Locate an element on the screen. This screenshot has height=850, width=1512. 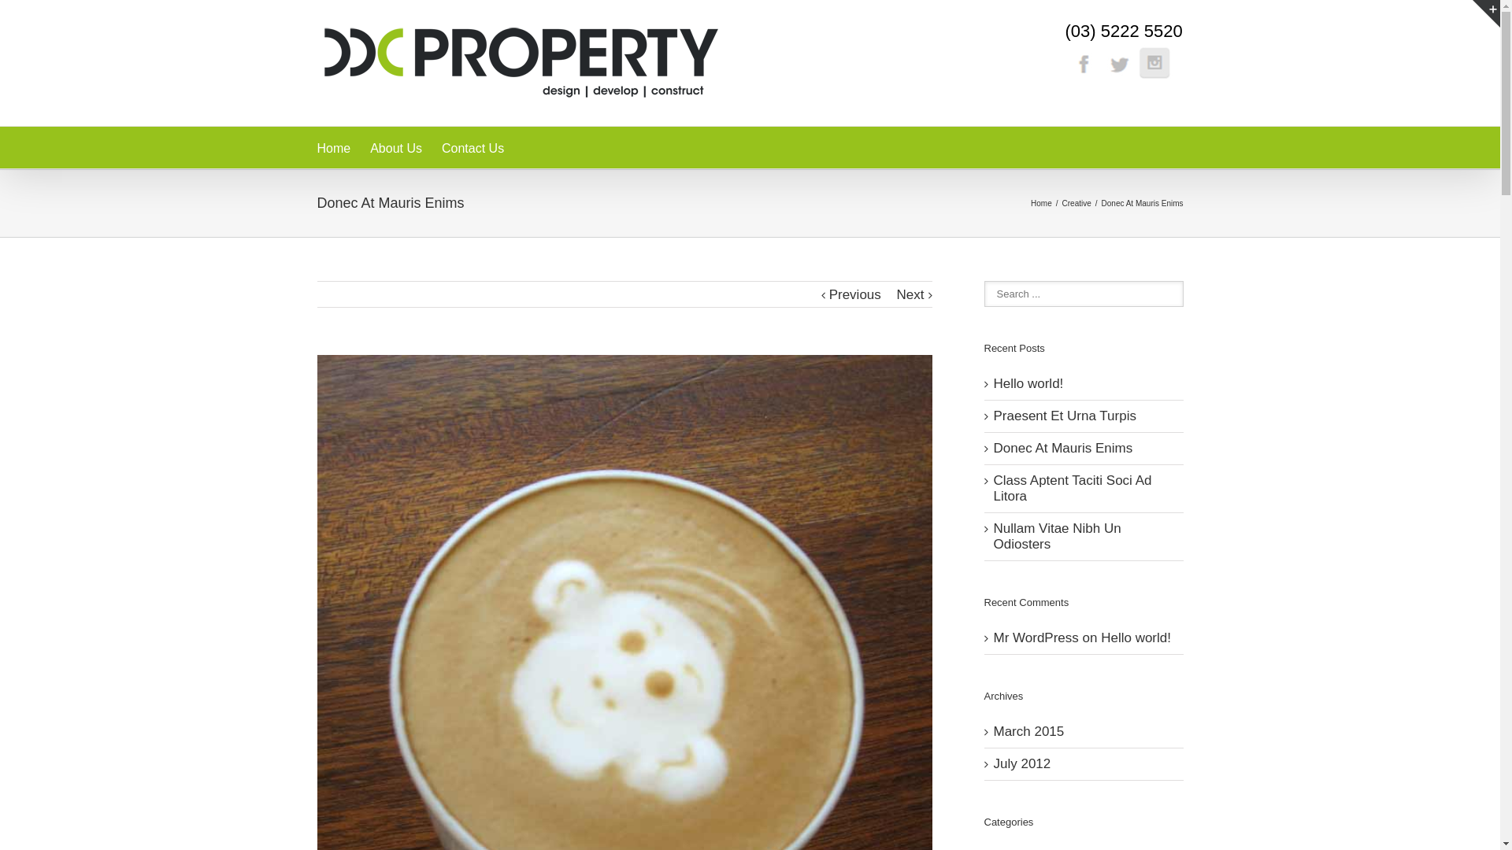
'Nullam Vitae Nibh Un Odiosters' is located at coordinates (1058, 535).